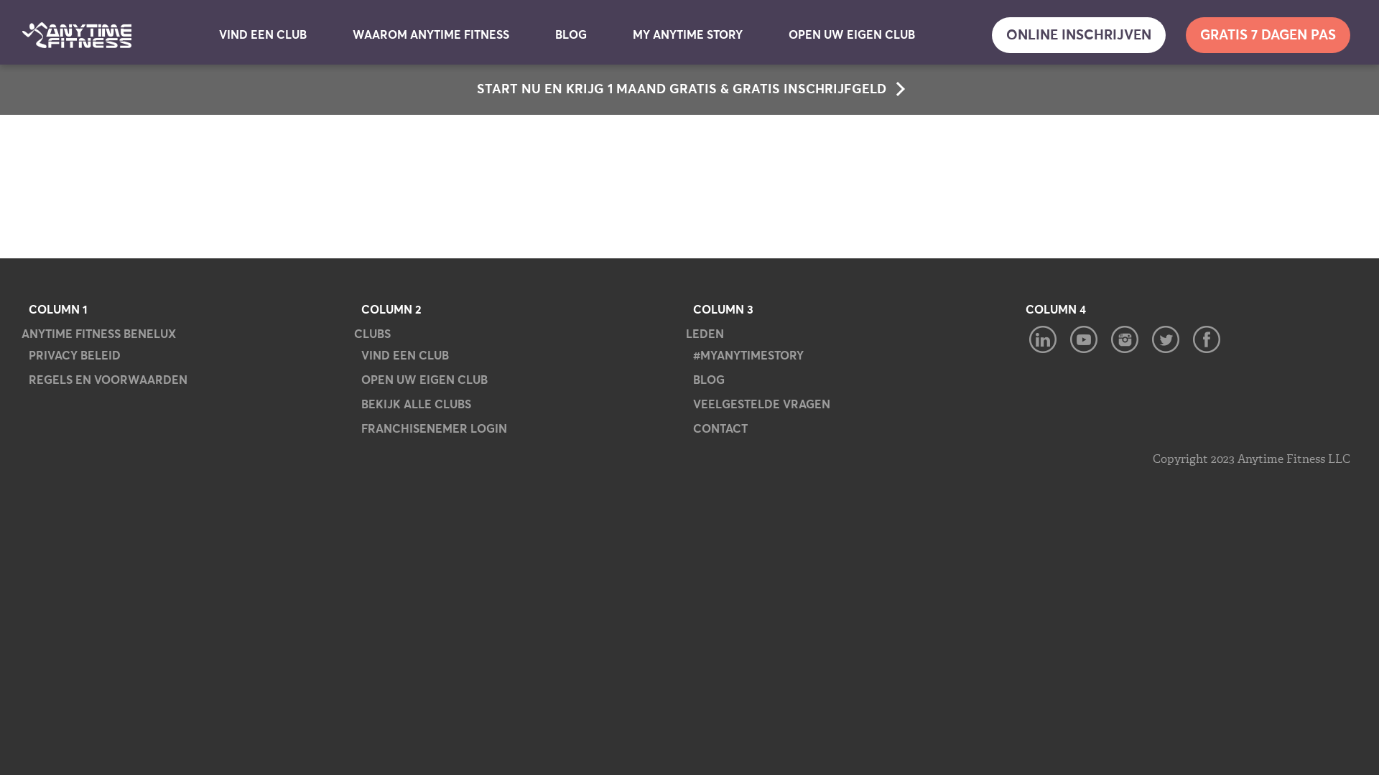 The image size is (1379, 775). I want to click on 'BLOG', so click(709, 378).